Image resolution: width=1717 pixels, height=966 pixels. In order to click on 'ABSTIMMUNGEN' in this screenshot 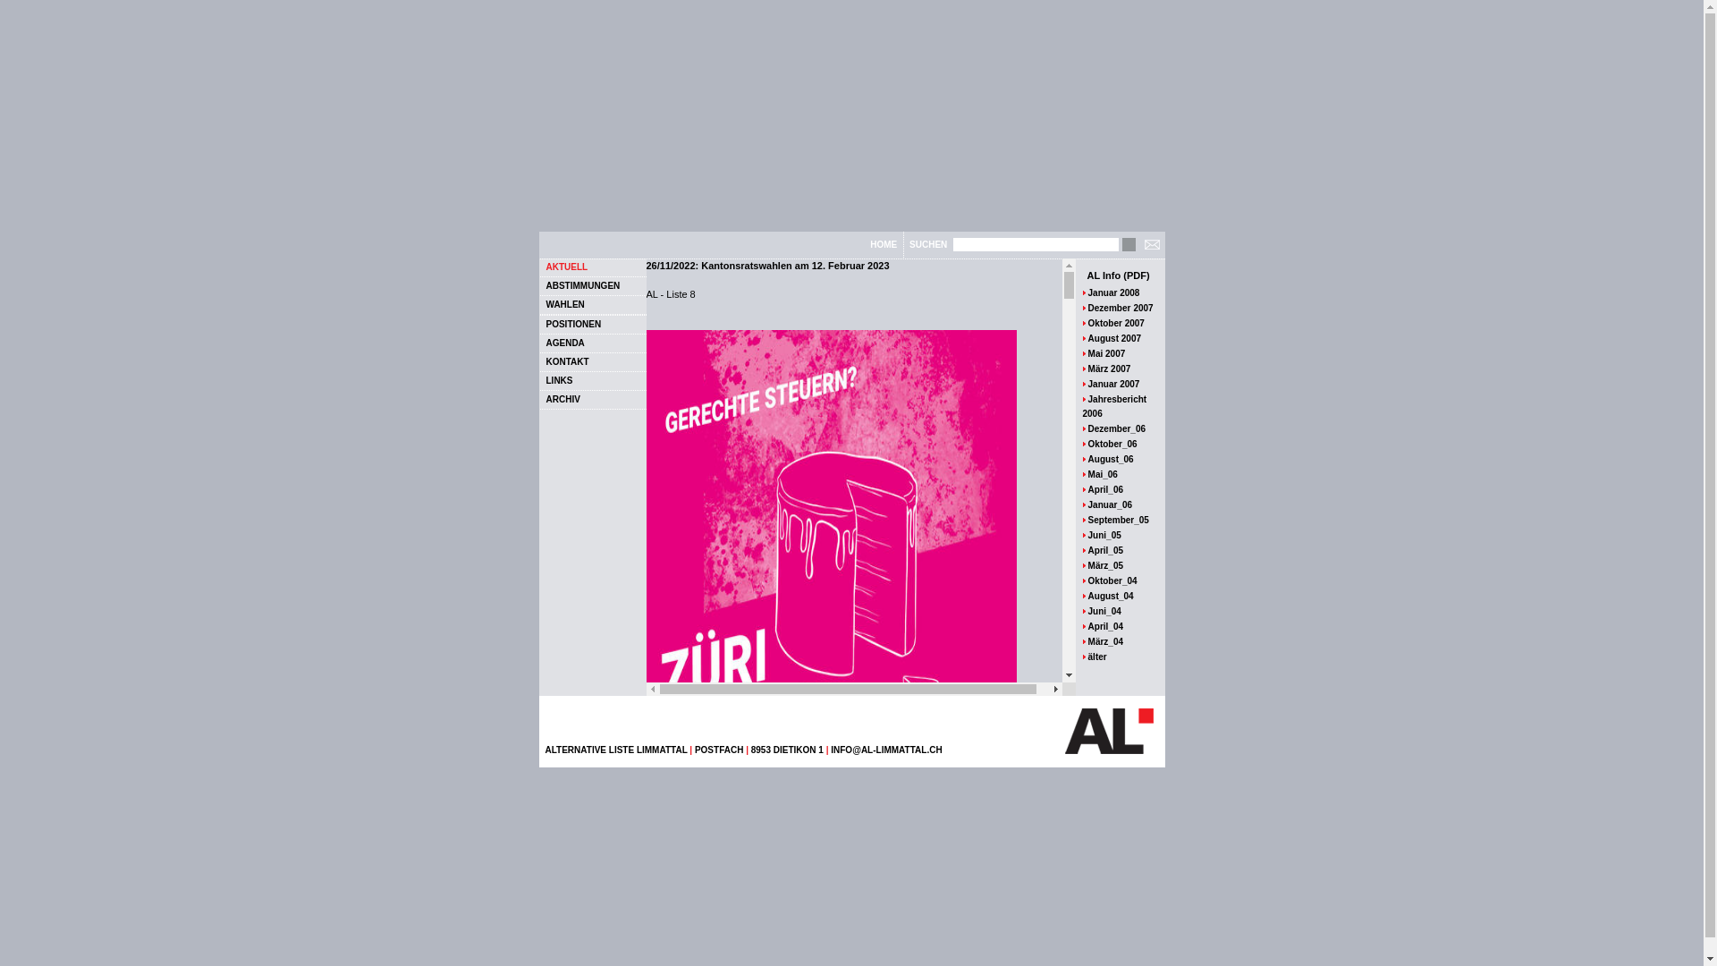, I will do `click(544, 284)`.